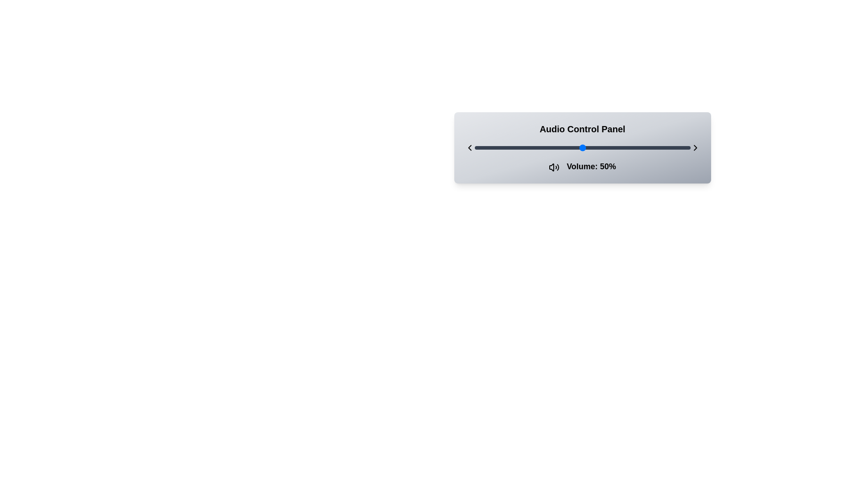 The height and width of the screenshot is (481, 856). I want to click on the volume, so click(518, 147).